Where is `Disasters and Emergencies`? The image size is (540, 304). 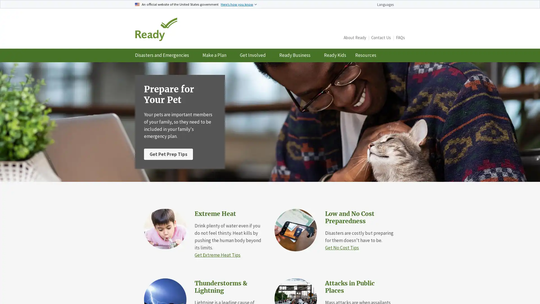 Disasters and Emergencies is located at coordinates (164, 55).